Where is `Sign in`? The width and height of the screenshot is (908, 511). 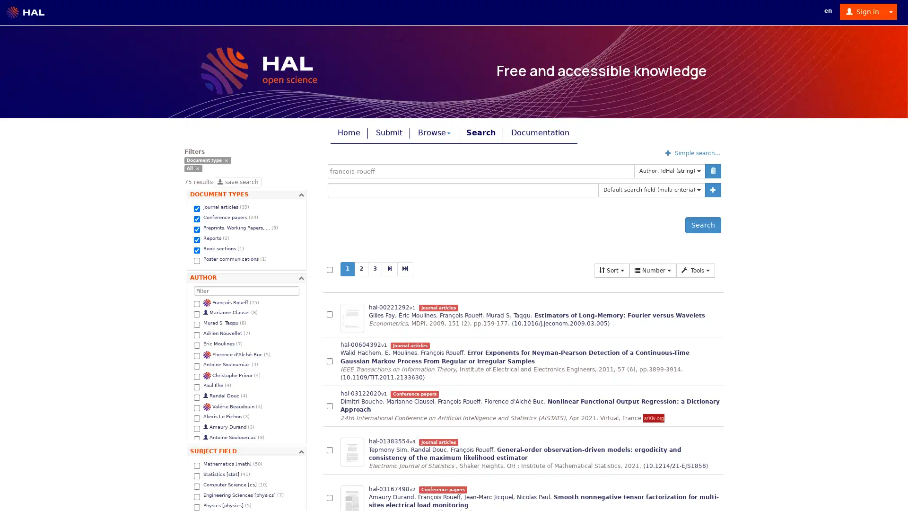
Sign in is located at coordinates (863, 11).